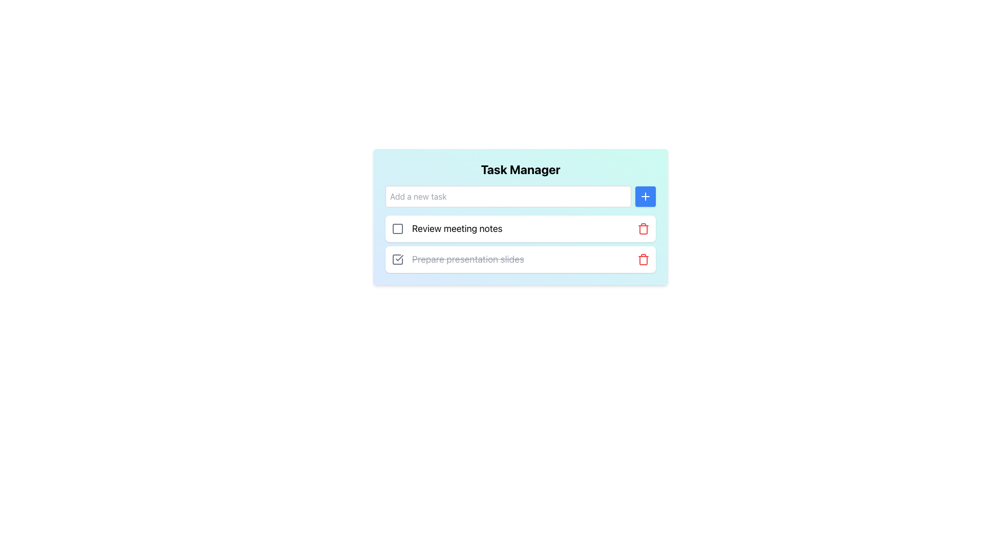 Image resolution: width=983 pixels, height=553 pixels. I want to click on the checkbox on the first task item of the Task Manager to mark it as completed, so click(521, 228).